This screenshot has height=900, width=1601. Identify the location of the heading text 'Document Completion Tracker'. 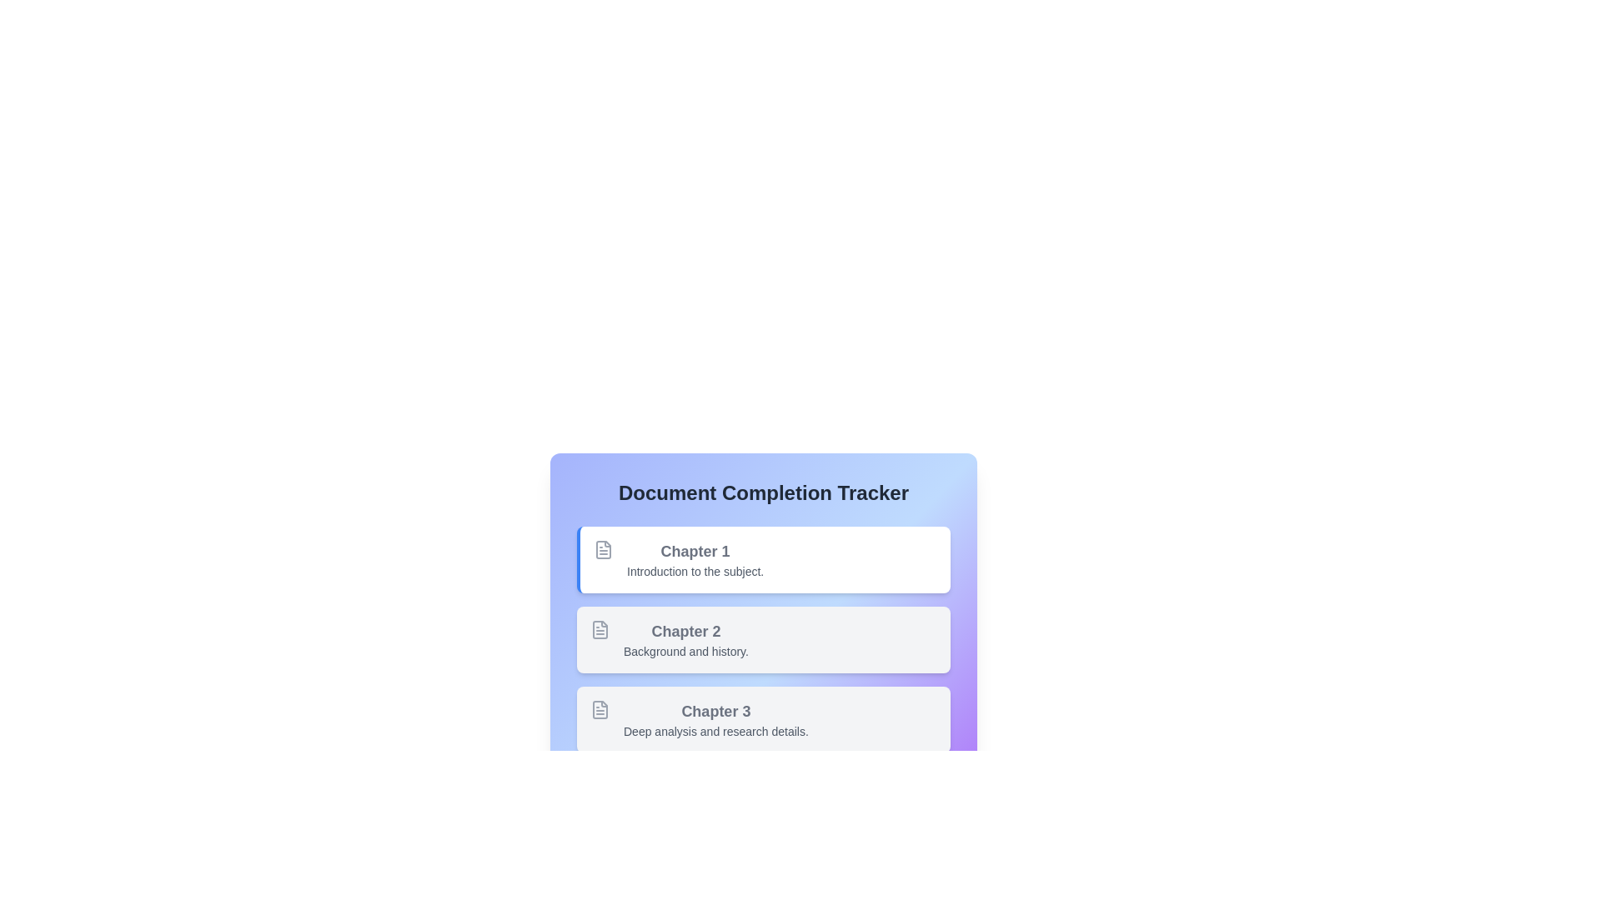
(763, 492).